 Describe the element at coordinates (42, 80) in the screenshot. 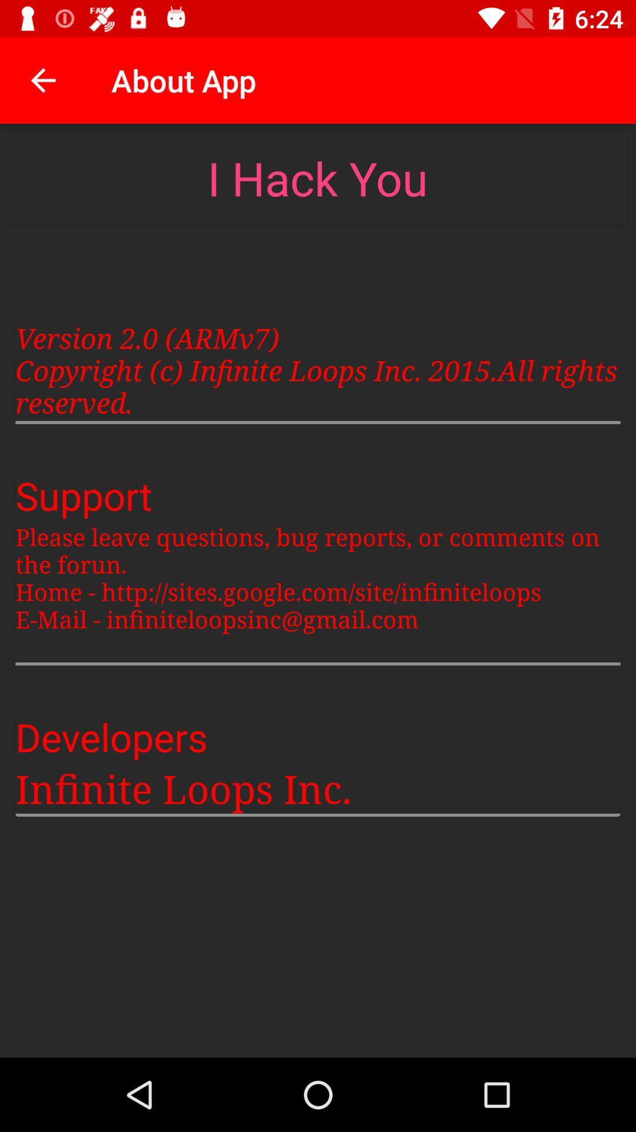

I see `icon to the left of about app item` at that location.